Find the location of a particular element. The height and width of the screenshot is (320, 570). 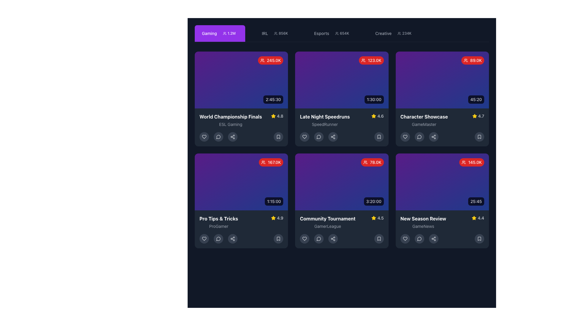

the 'Share' button located at the bottom center of the 'Pro Tips & Tricks' card is located at coordinates (232, 239).